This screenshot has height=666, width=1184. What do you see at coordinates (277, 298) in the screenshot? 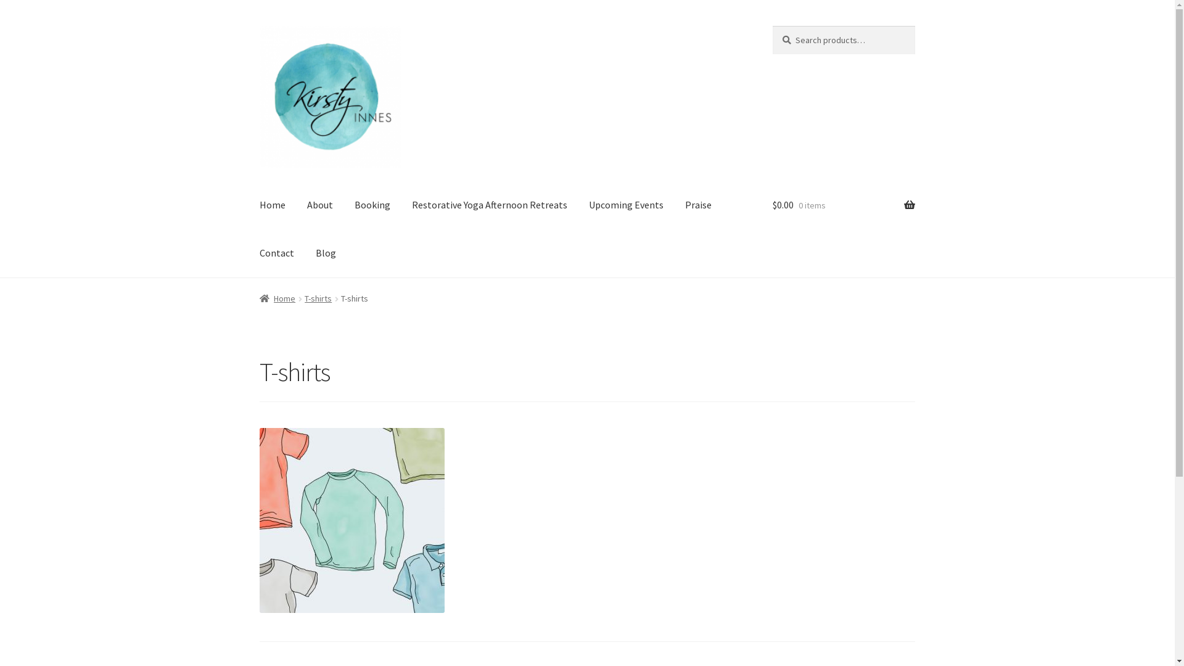
I see `'Home'` at bounding box center [277, 298].